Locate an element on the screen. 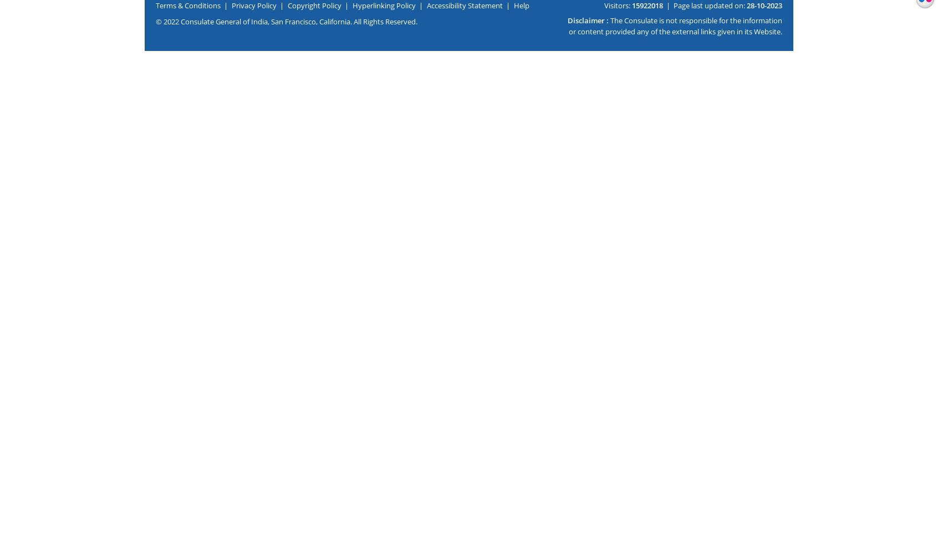 The image size is (938, 554). '|' is located at coordinates (668, 5).